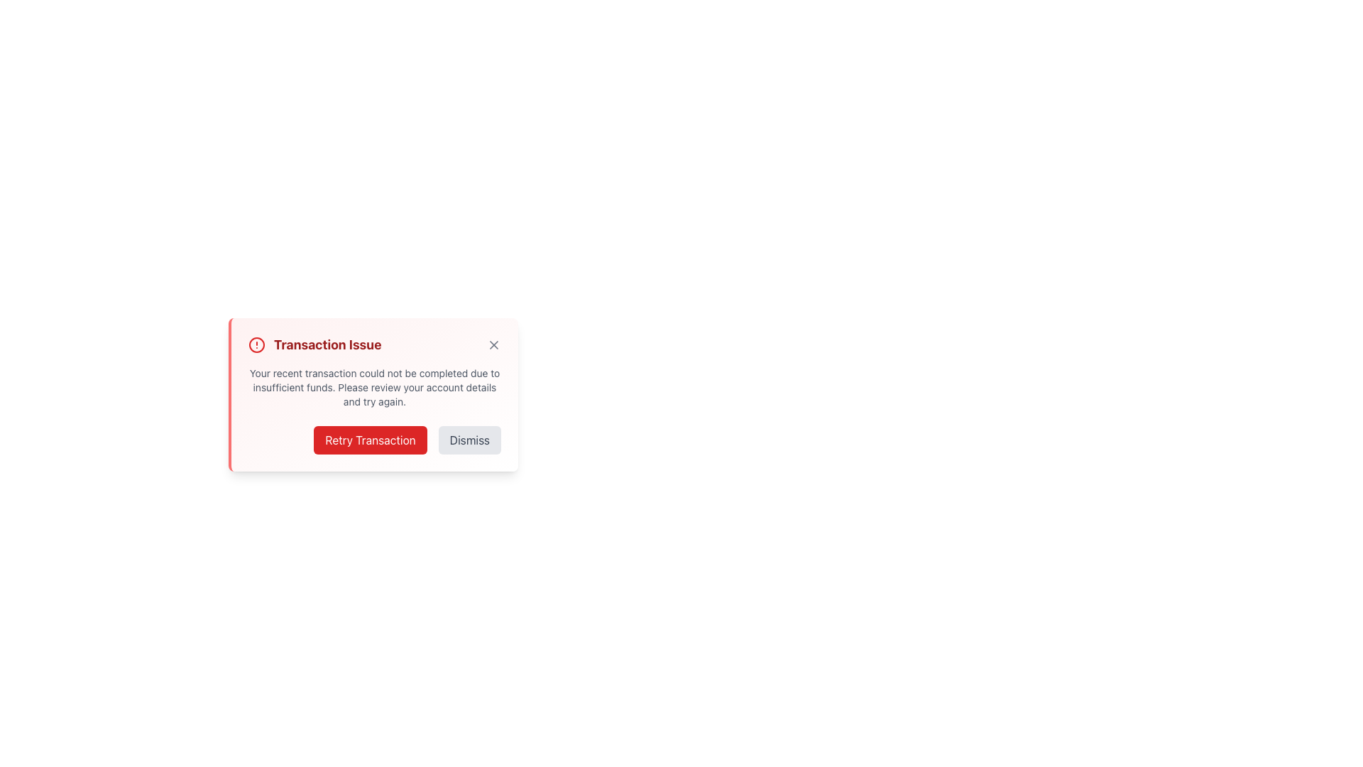 The height and width of the screenshot is (767, 1363). What do you see at coordinates (371, 440) in the screenshot?
I see `the retry transaction button located at the bottom-right of the modal window` at bounding box center [371, 440].